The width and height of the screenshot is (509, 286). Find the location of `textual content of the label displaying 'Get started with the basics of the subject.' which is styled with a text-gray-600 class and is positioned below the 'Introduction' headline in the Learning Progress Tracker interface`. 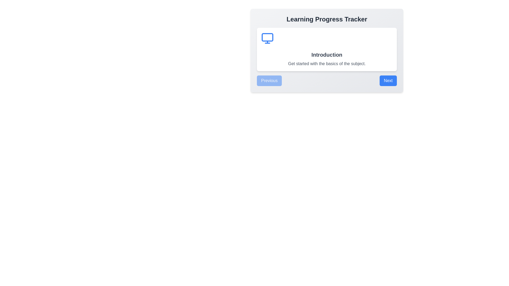

textual content of the label displaying 'Get started with the basics of the subject.' which is styled with a text-gray-600 class and is positioned below the 'Introduction' headline in the Learning Progress Tracker interface is located at coordinates (327, 63).